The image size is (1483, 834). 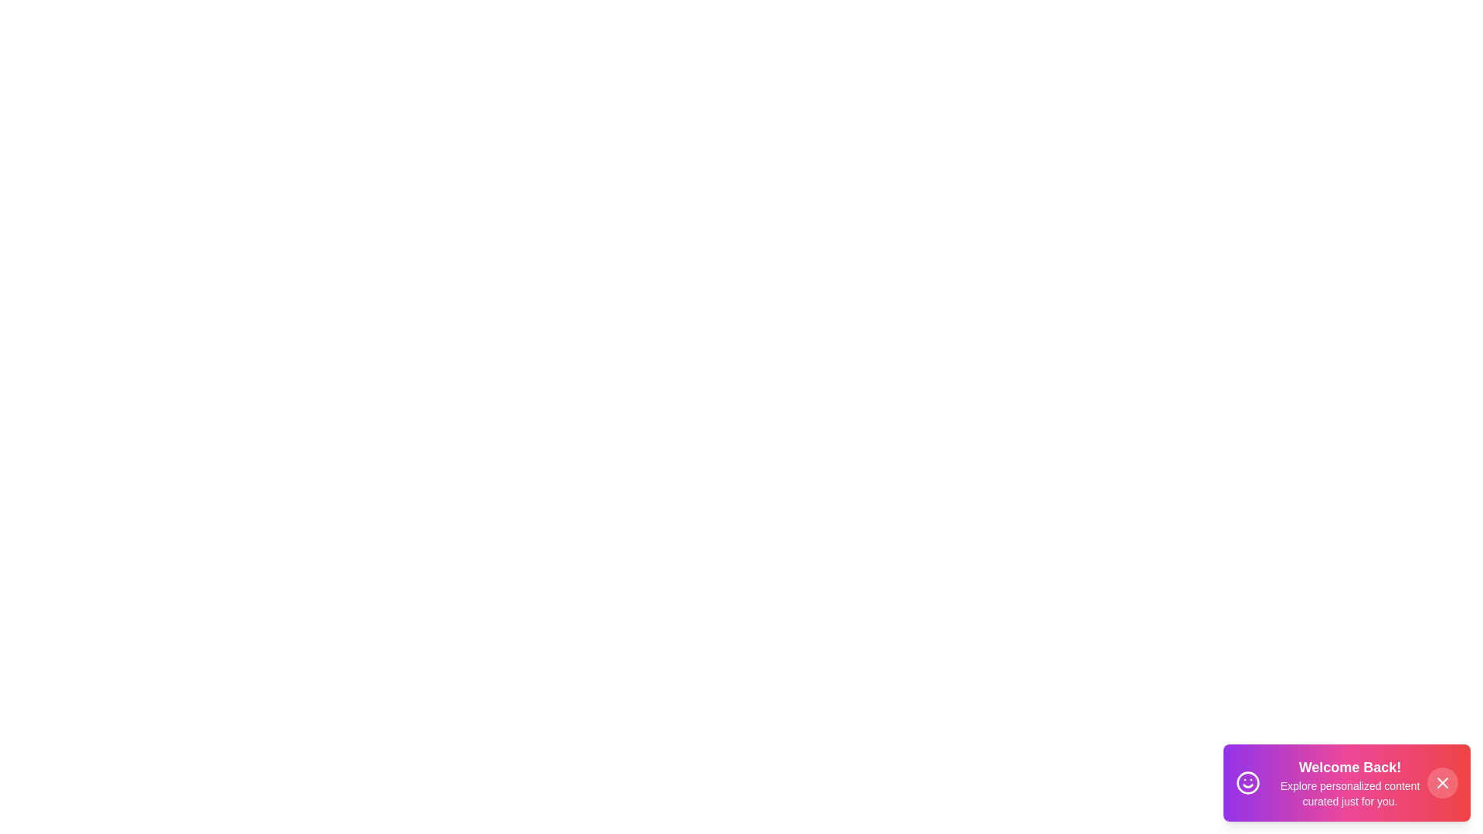 What do you see at coordinates (1248, 783) in the screenshot?
I see `the smile icon to trigger feedback` at bounding box center [1248, 783].